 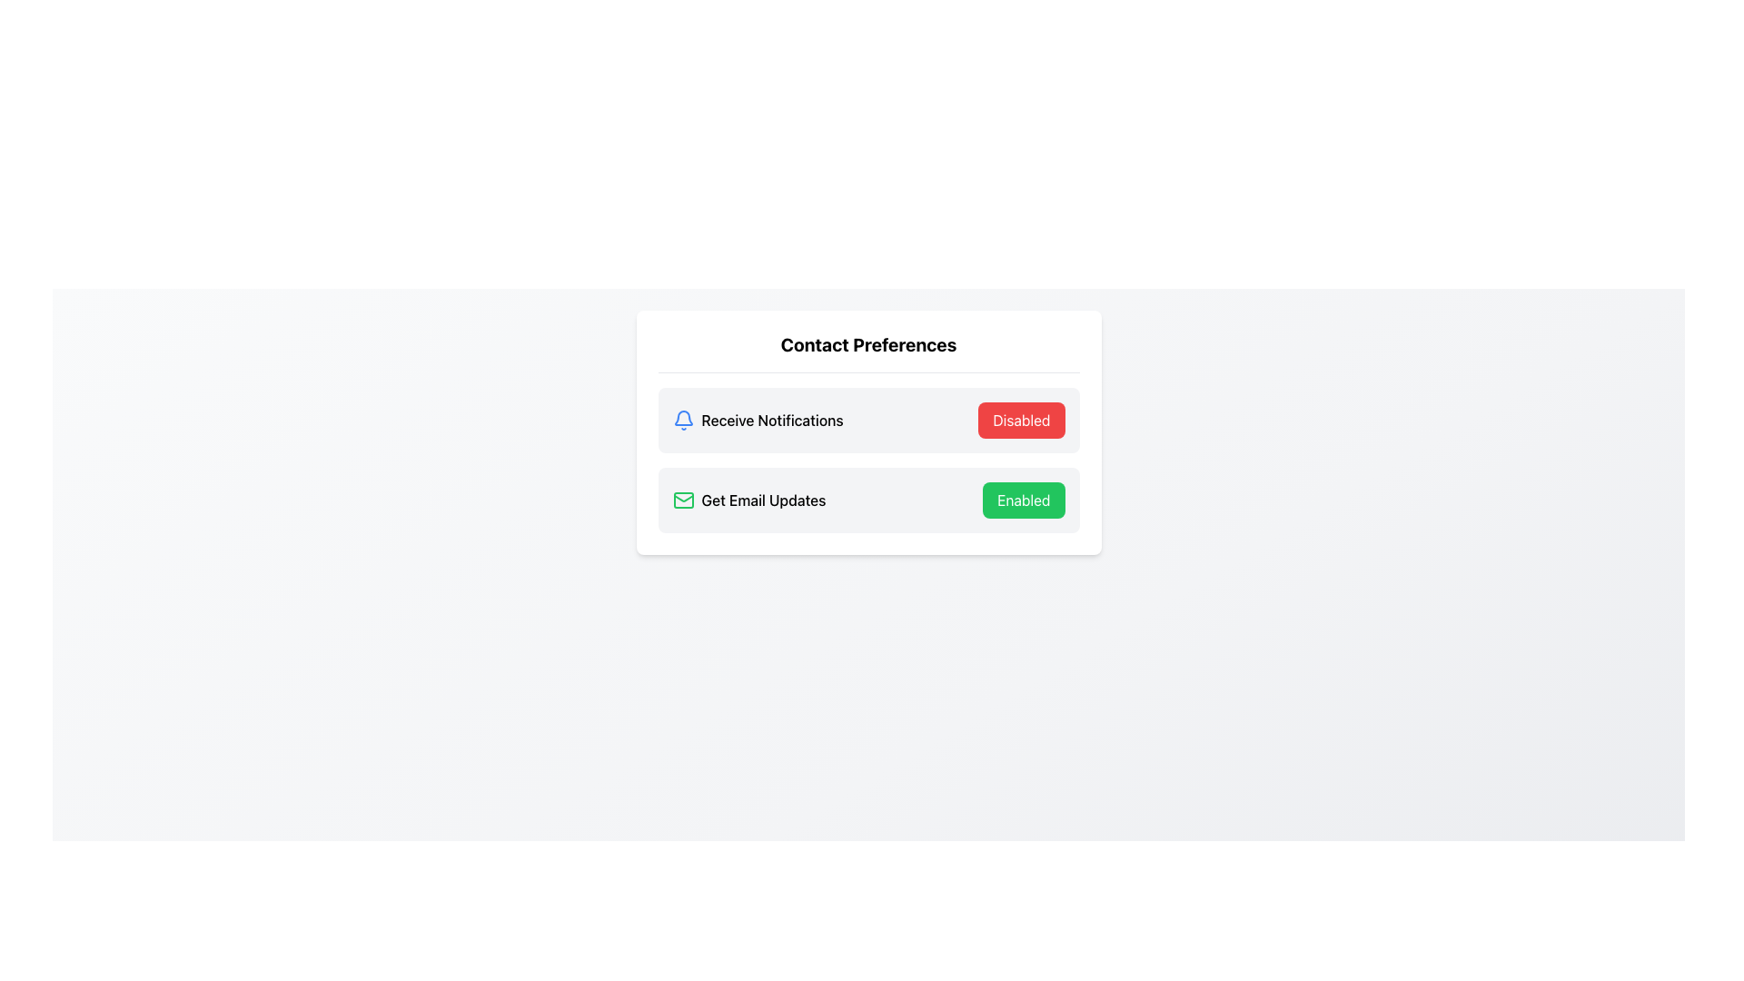 I want to click on the Option row with a notification bell icon, the text 'Receive Notifications', and a red button titled 'Disabled', so click(x=867, y=420).